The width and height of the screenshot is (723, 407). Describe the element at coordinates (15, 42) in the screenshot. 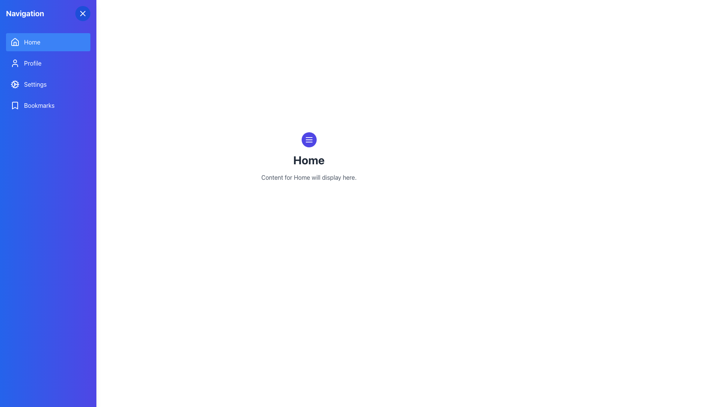

I see `'Home' icon in the navigation menu, which is located at the leftmost position preceding the 'Home' text label` at that location.